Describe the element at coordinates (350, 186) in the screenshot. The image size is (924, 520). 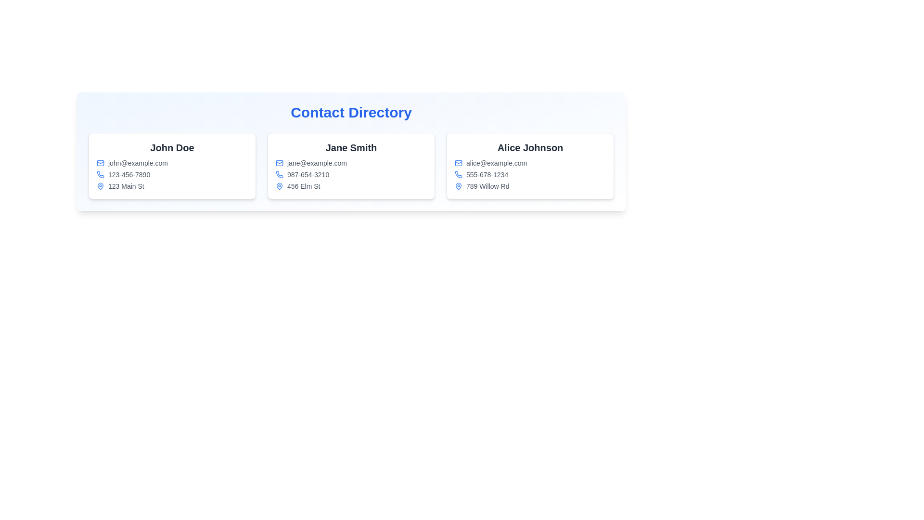
I see `address displayed as '456 Elm St' located in the third item of the contact details under 'Jane Smith's' contact card` at that location.